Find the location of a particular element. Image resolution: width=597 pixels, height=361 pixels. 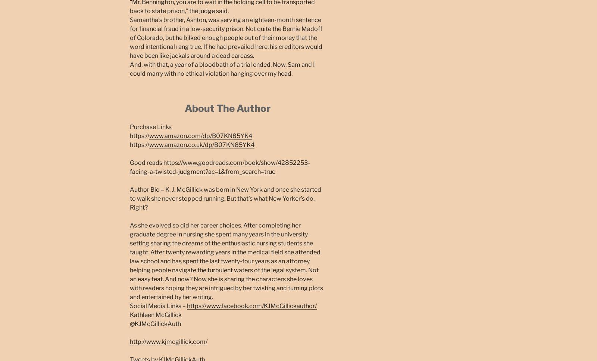

'www.amazon.com/dp/B07KN85YK4' is located at coordinates (200, 135).